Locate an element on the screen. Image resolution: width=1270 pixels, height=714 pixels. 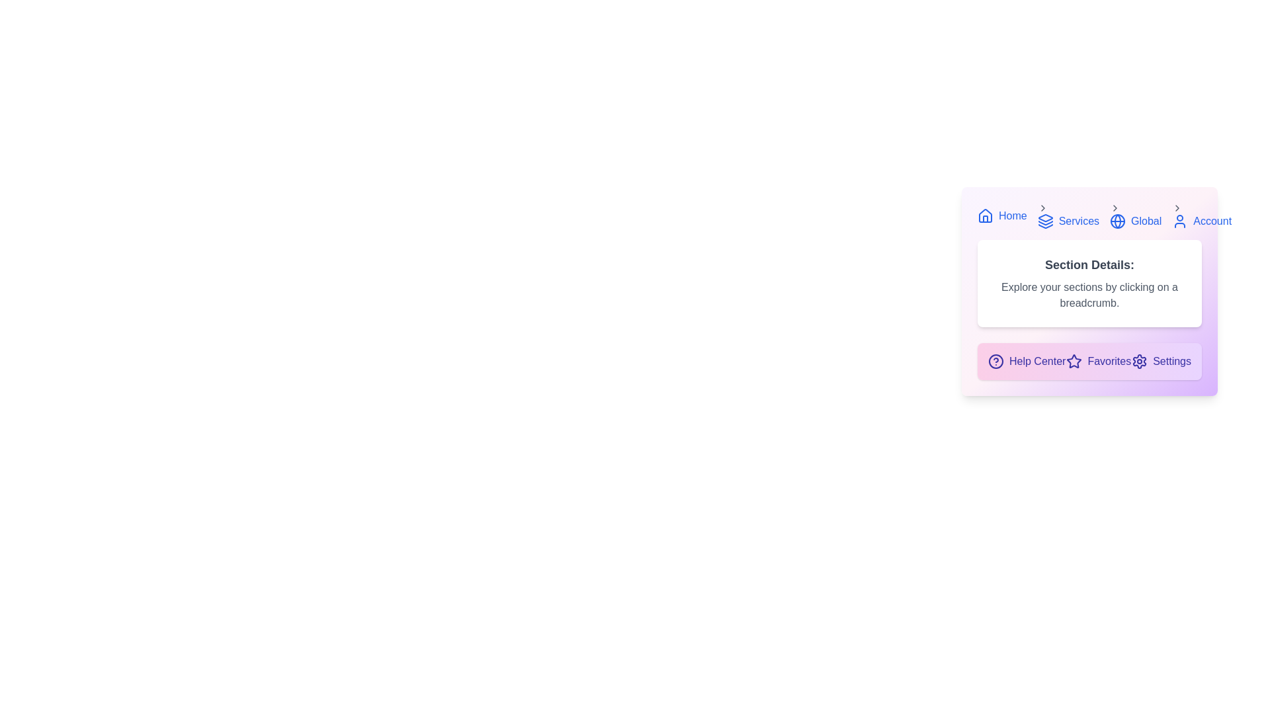
on the 'Settings' icon located at the bottom right of the interface is located at coordinates (1139, 362).